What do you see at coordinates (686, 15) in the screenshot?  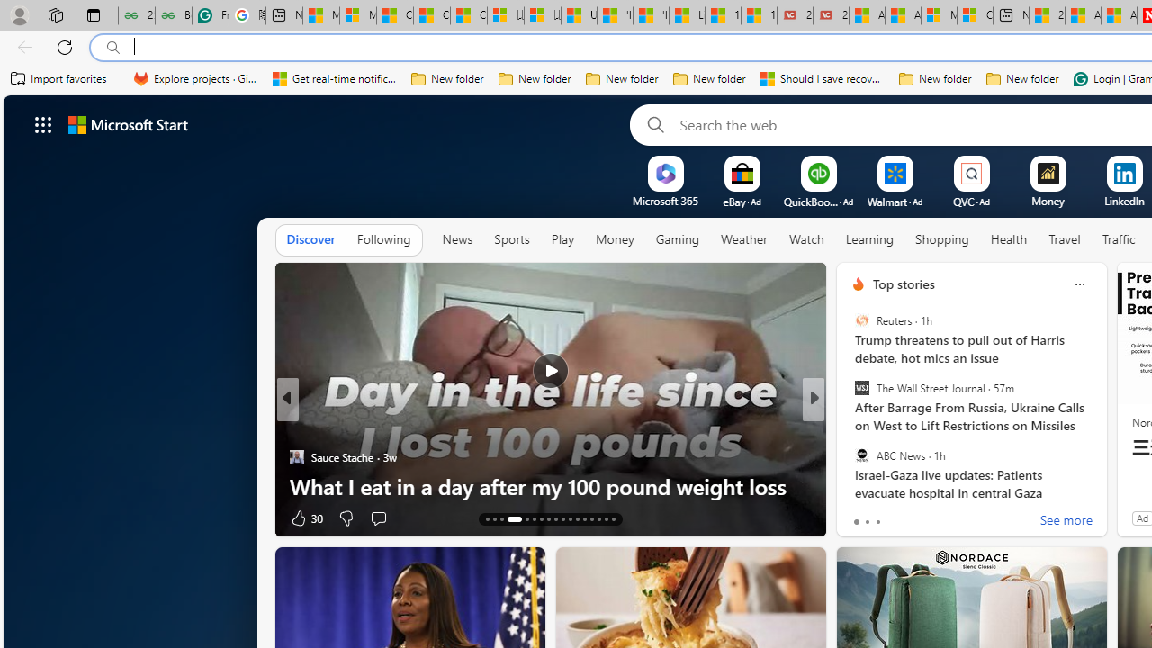 I see `'Lifestyle - MSN'` at bounding box center [686, 15].